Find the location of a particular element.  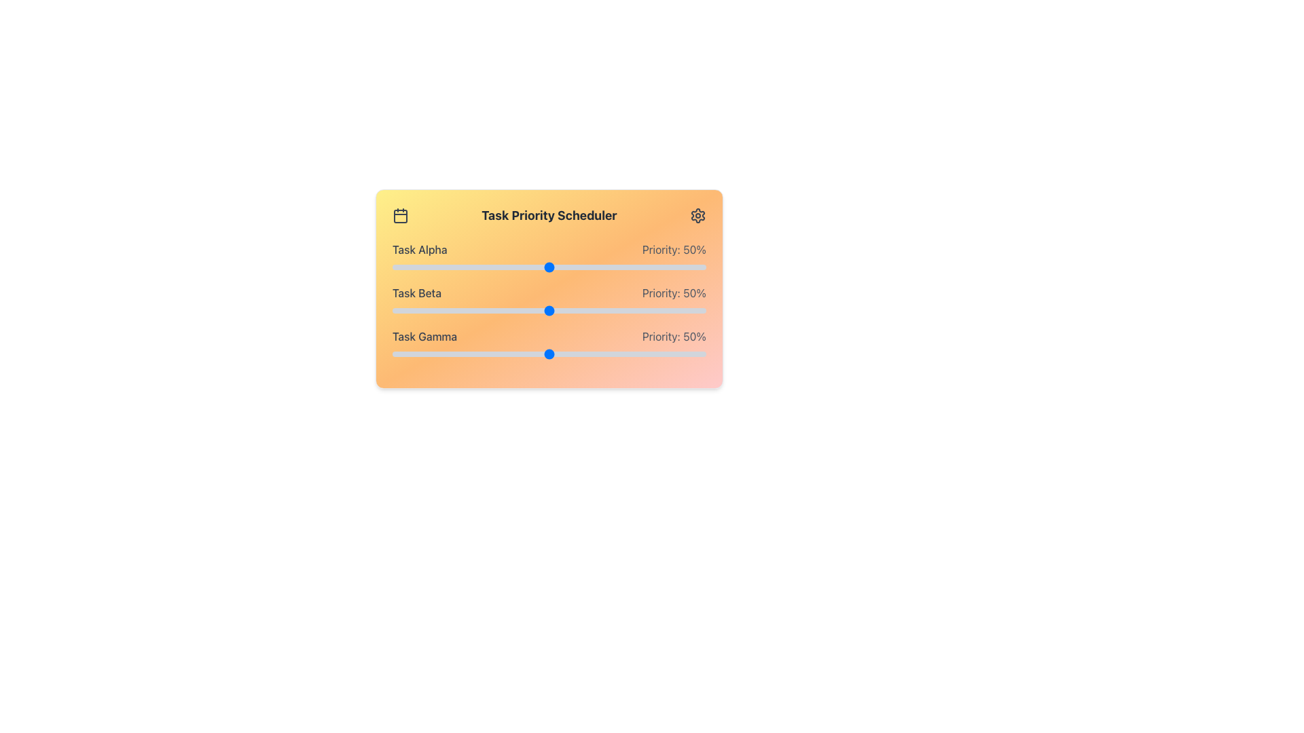

task priority is located at coordinates (401, 353).